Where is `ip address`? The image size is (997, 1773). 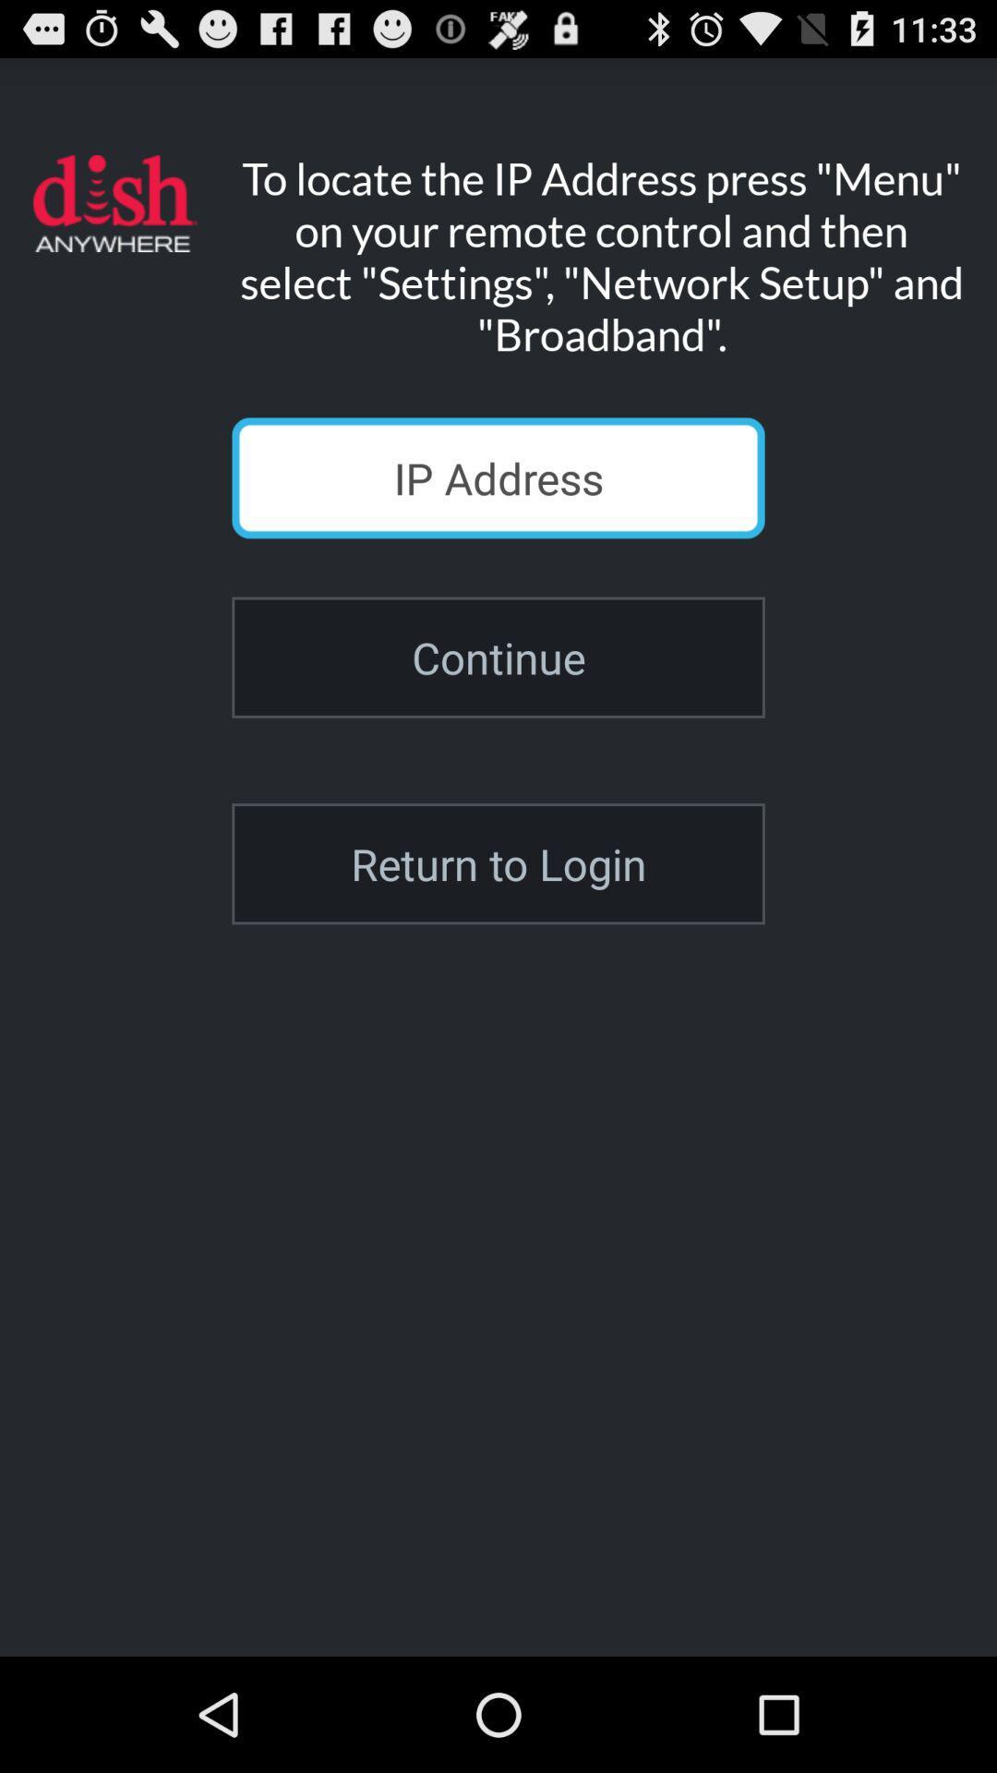 ip address is located at coordinates (498, 477).